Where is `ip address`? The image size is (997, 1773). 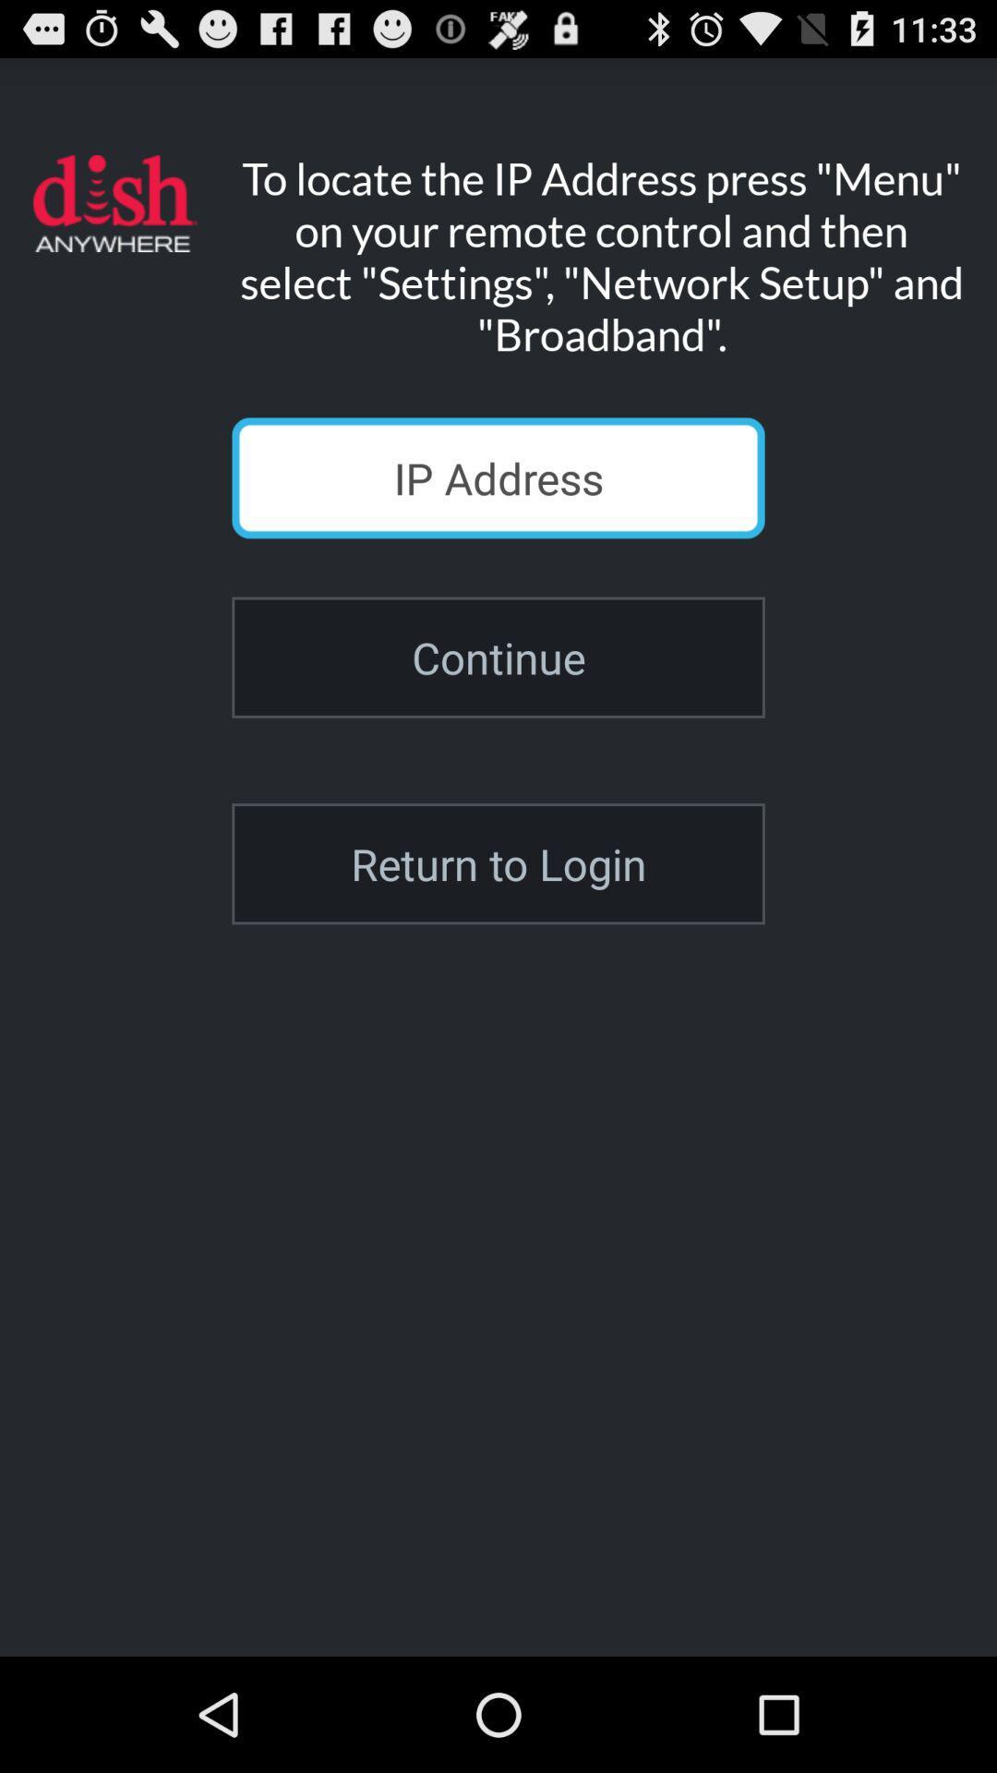 ip address is located at coordinates (498, 477).